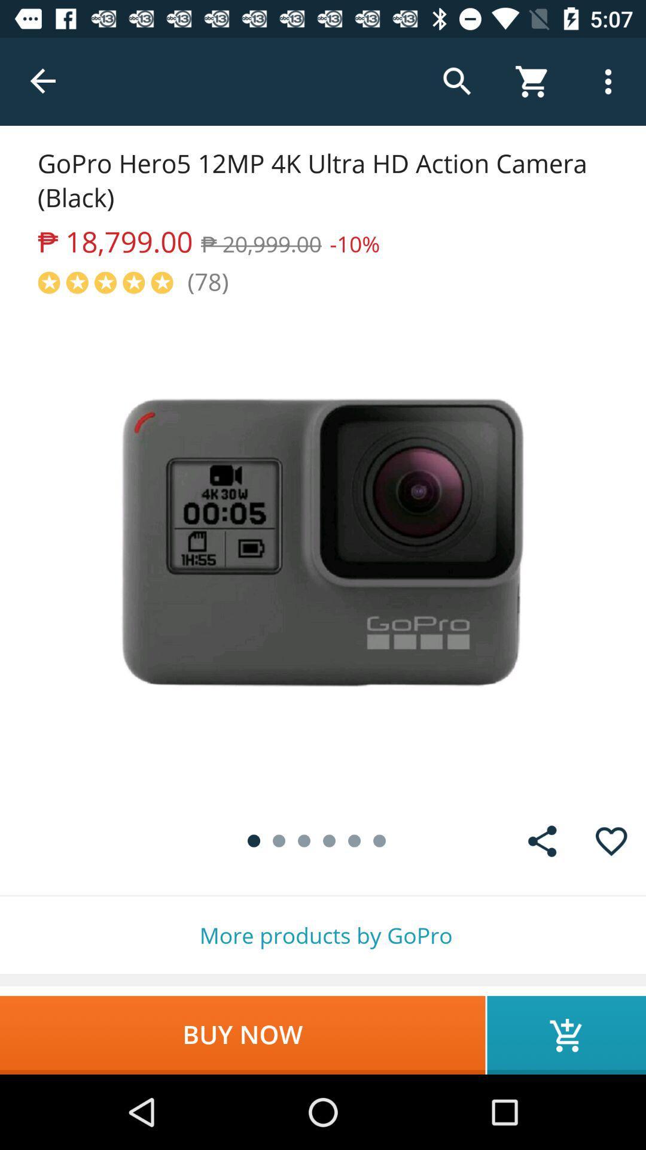  Describe the element at coordinates (611, 840) in the screenshot. I see `like` at that location.